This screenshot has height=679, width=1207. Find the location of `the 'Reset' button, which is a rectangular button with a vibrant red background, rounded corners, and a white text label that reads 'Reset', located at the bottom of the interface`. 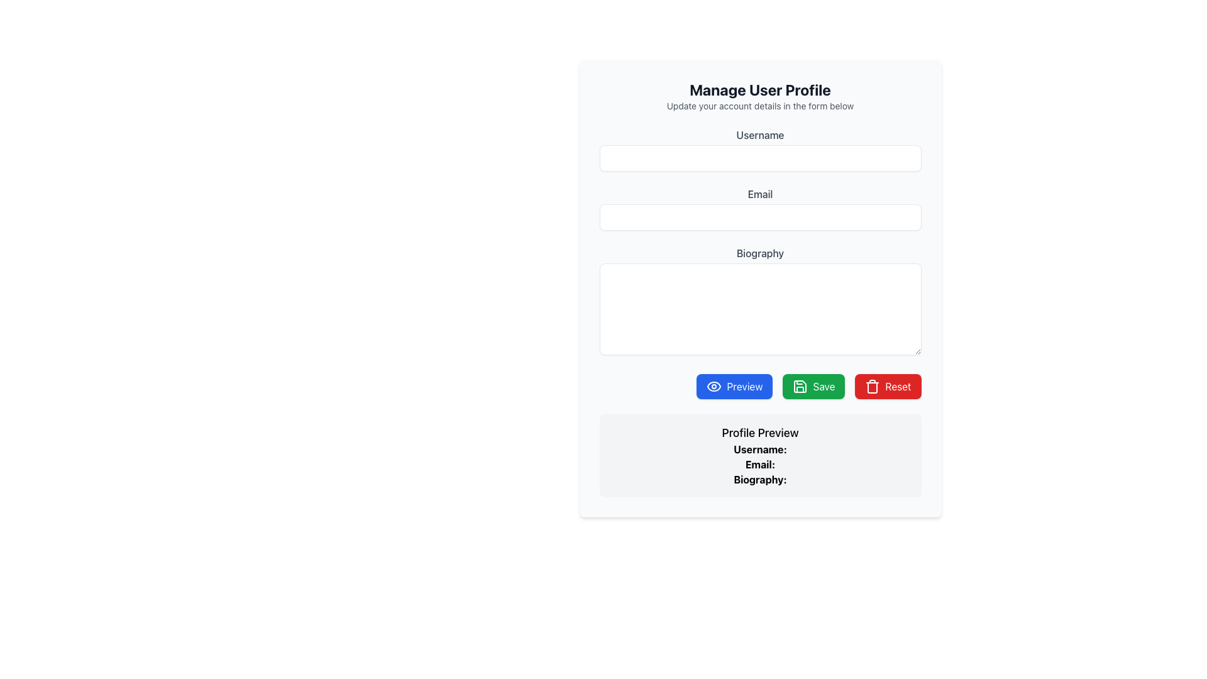

the 'Reset' button, which is a rectangular button with a vibrant red background, rounded corners, and a white text label that reads 'Reset', located at the bottom of the interface is located at coordinates (887, 385).